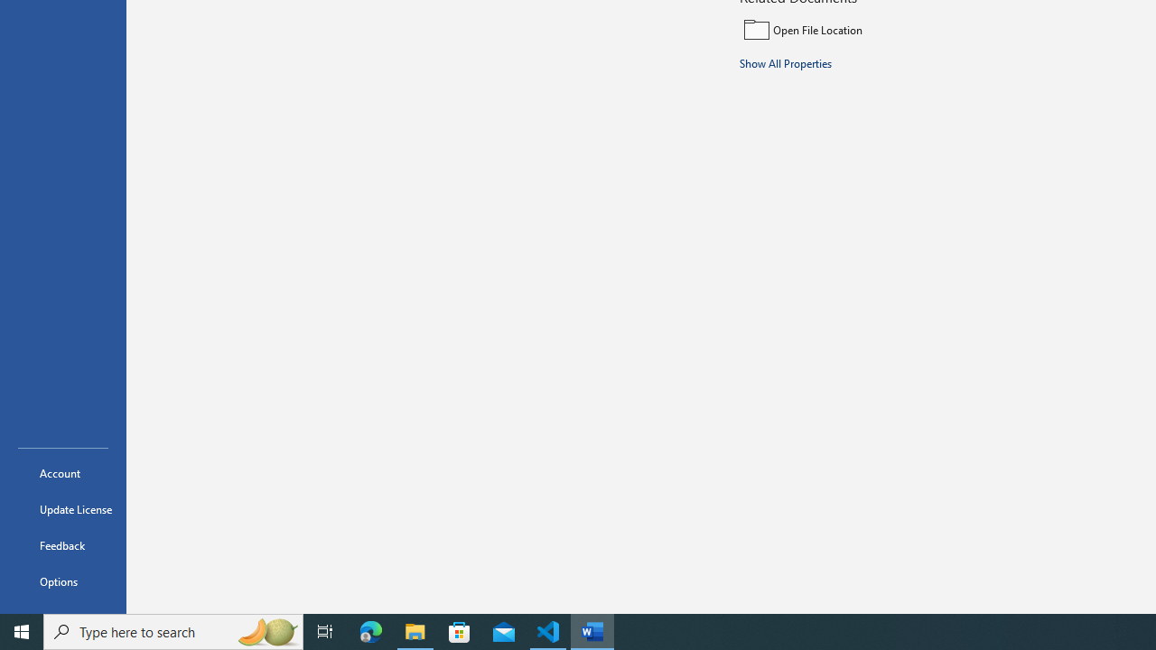 The image size is (1156, 650). Describe the element at coordinates (62, 509) in the screenshot. I see `'Update License'` at that location.